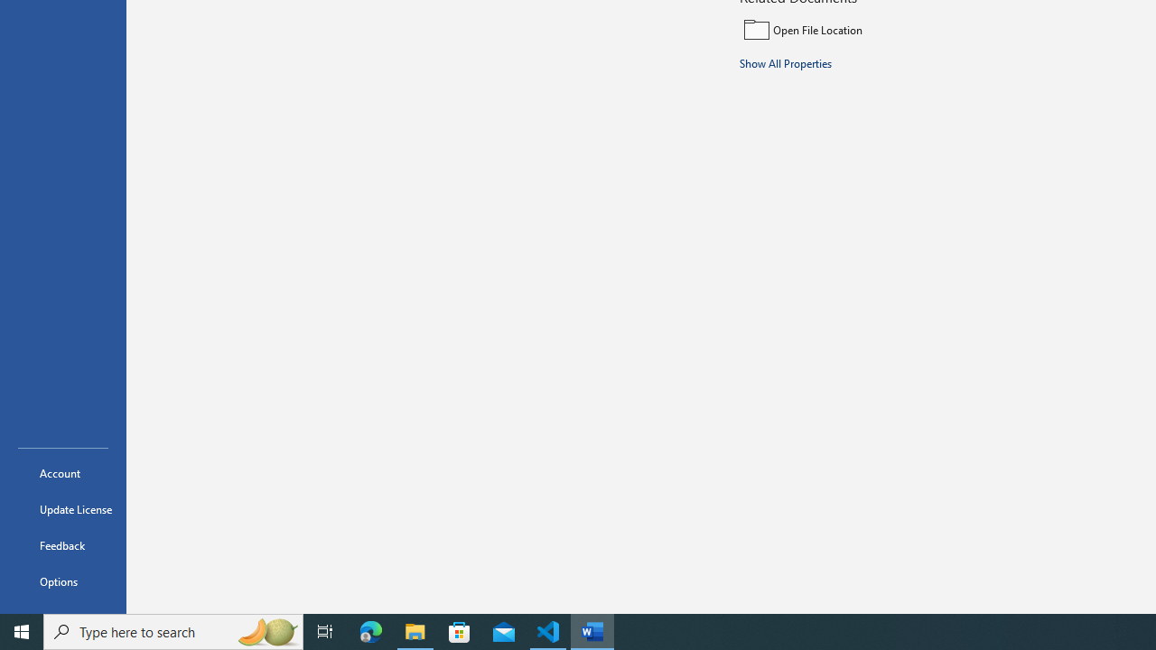 The image size is (1156, 650). Describe the element at coordinates (62, 509) in the screenshot. I see `'Update License'` at that location.